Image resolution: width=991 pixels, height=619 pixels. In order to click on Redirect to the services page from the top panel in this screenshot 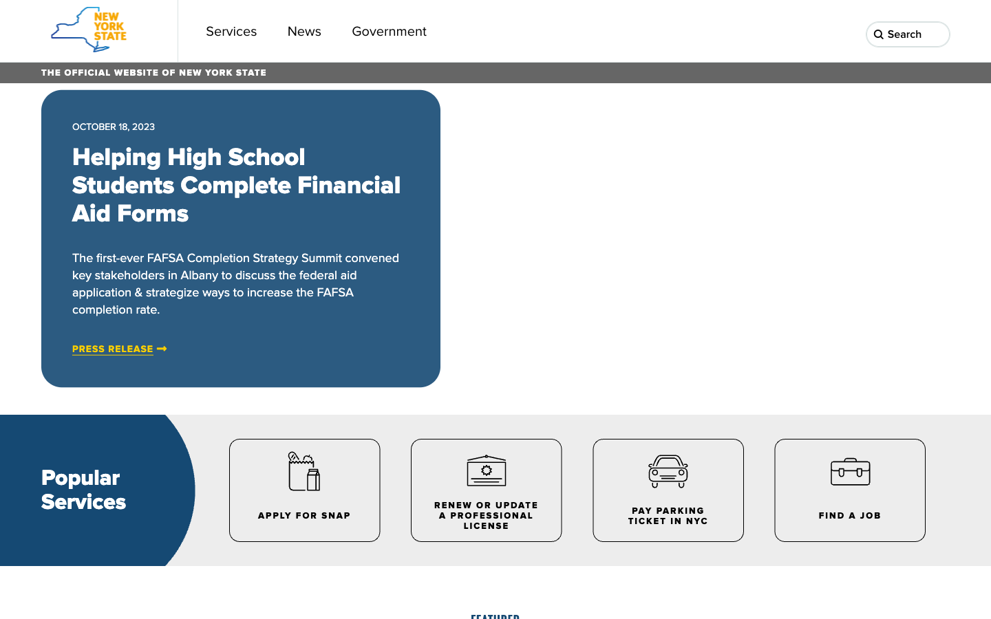, I will do `click(231, 30)`.